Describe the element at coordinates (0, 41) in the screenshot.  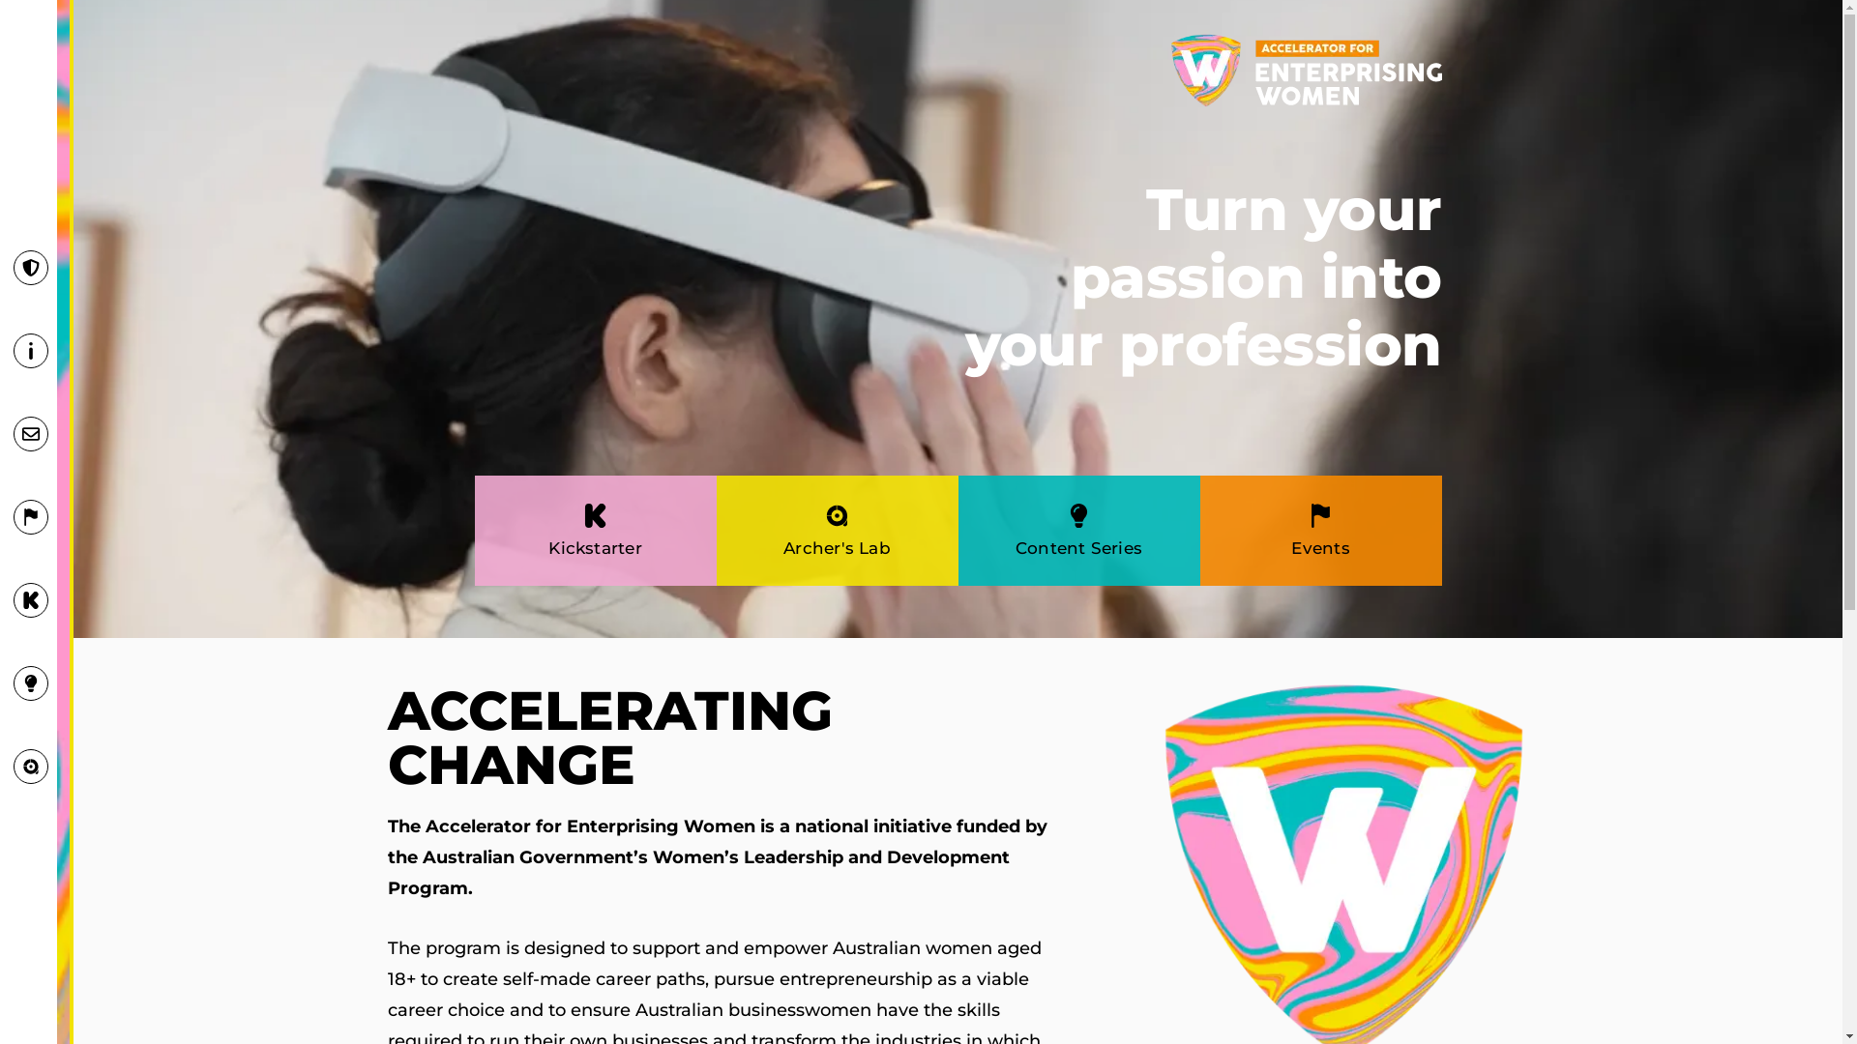
I see `'Skip to content'` at that location.